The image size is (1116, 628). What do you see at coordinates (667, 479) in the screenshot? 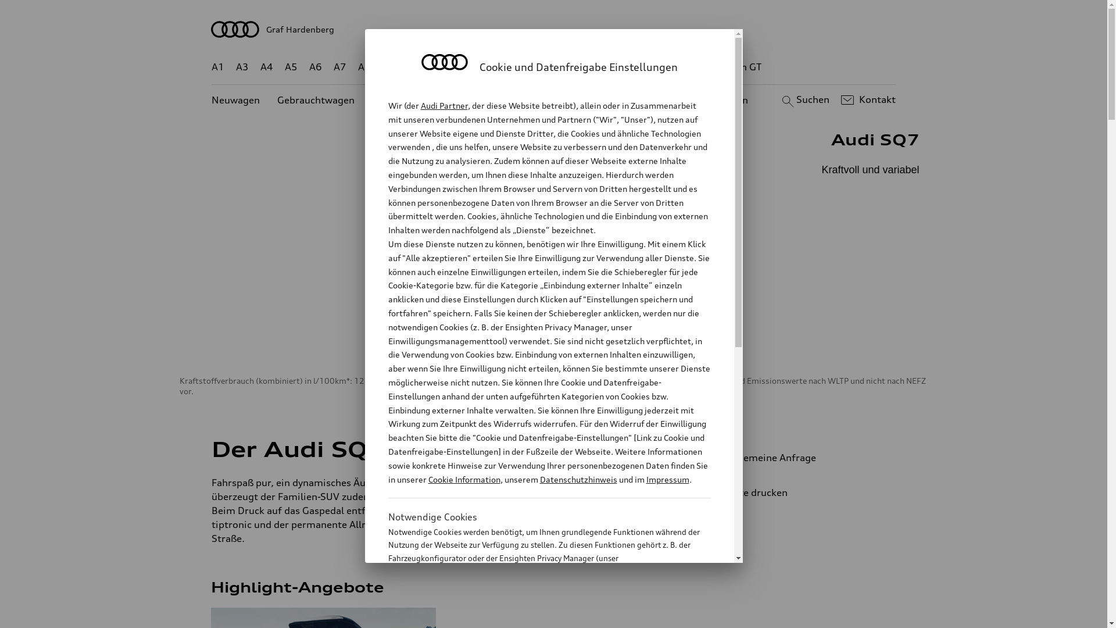
I see `'Impressum'` at bounding box center [667, 479].